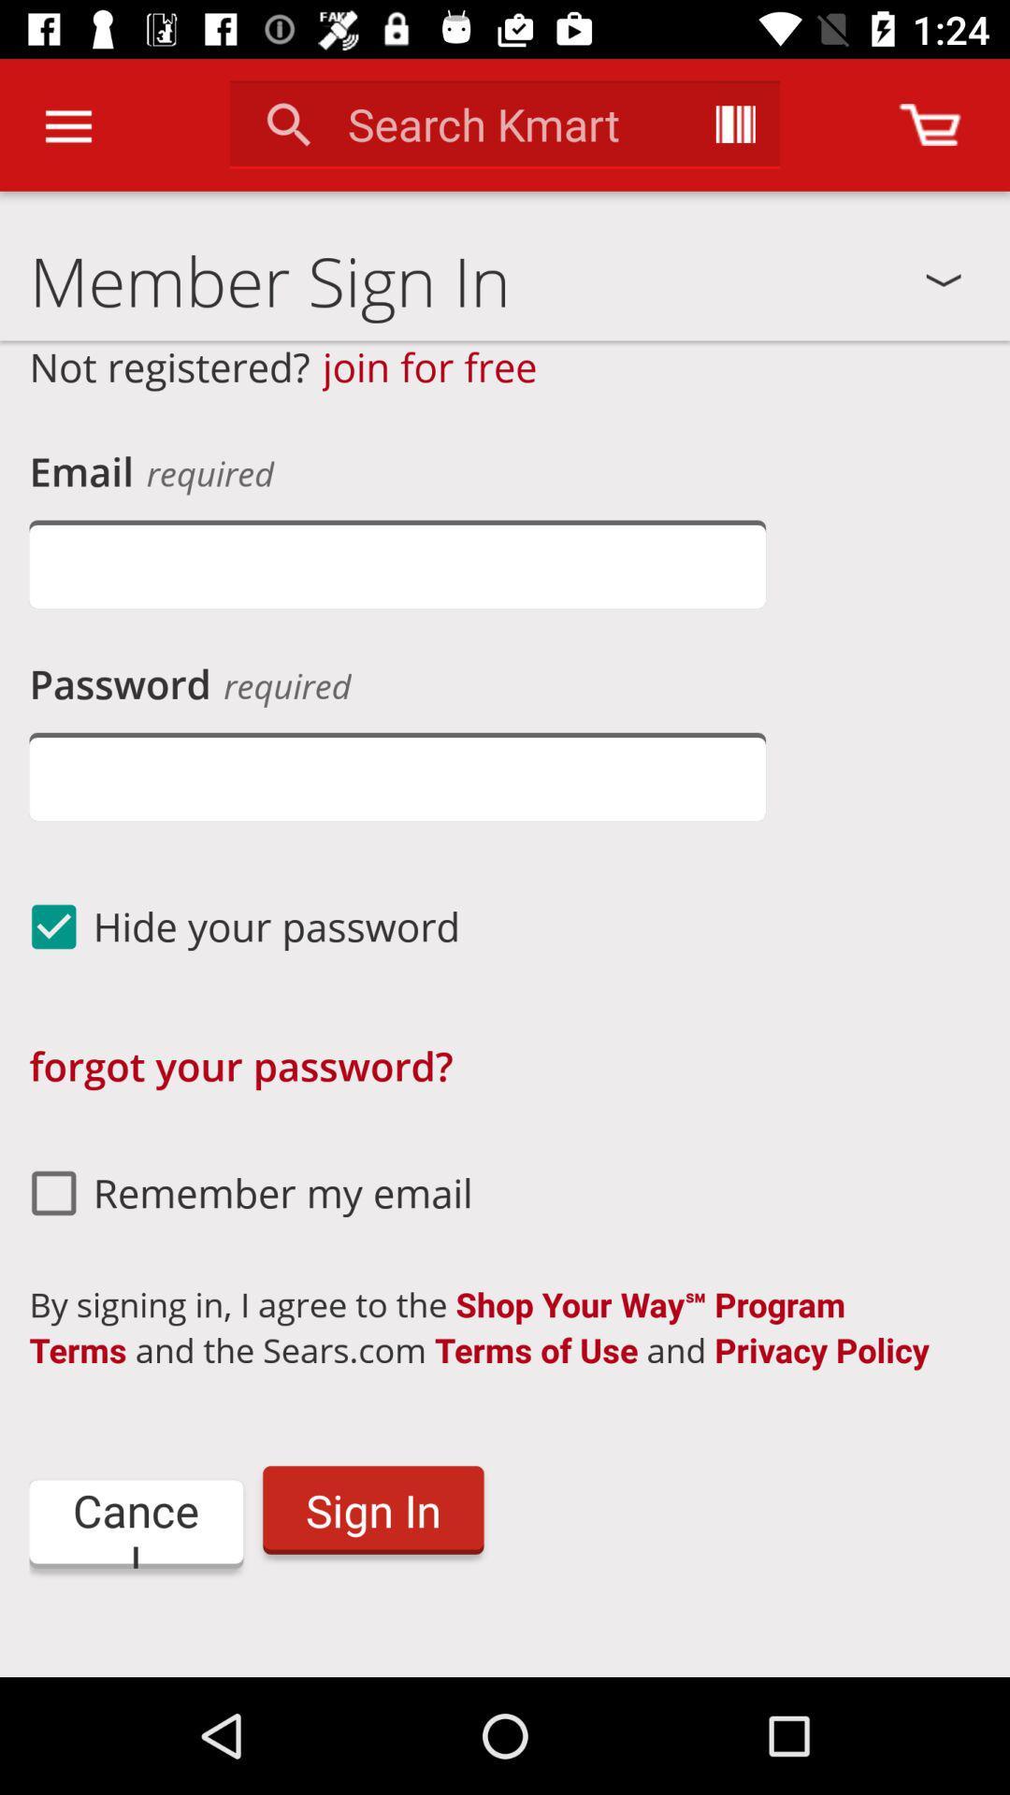  I want to click on the cancel icon, so click(135, 1524).